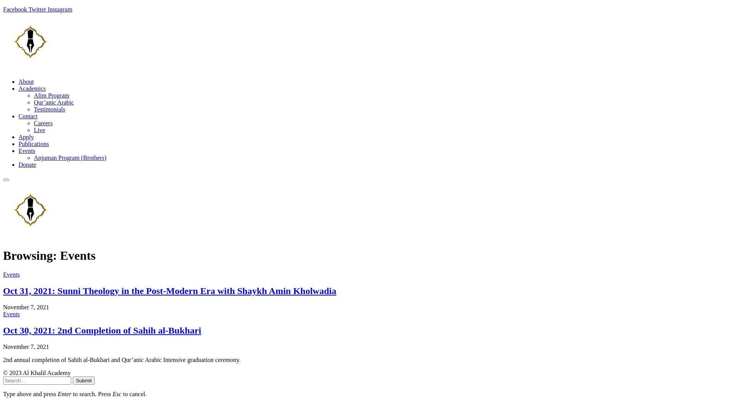 The width and height of the screenshot is (739, 415). What do you see at coordinates (84, 380) in the screenshot?
I see `'Submit'` at bounding box center [84, 380].